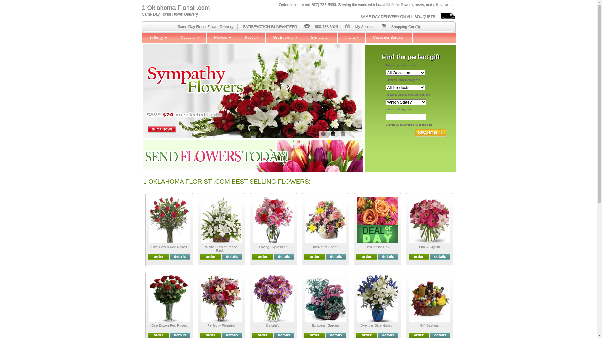 The height and width of the screenshot is (338, 602). I want to click on 'Delightful', so click(273, 325).